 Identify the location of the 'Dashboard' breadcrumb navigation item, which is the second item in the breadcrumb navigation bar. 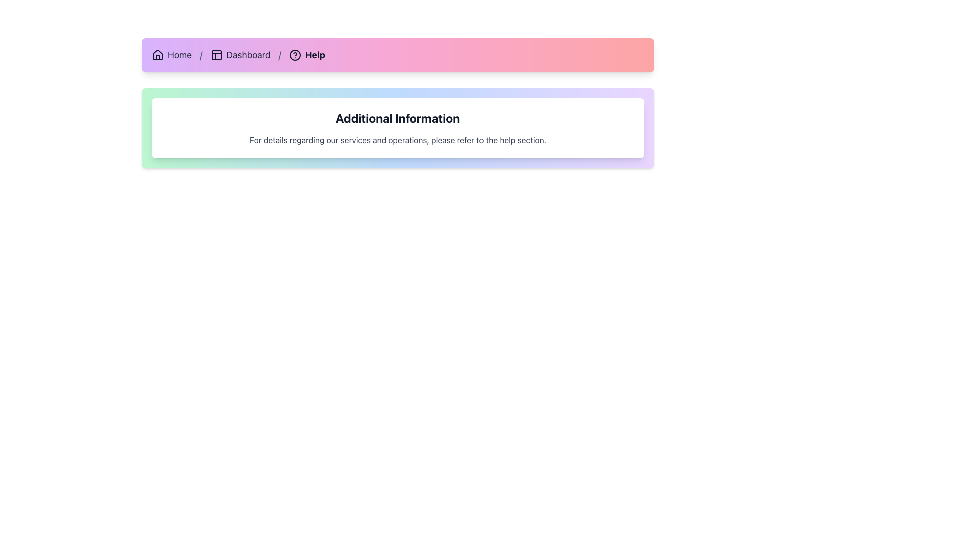
(240, 55).